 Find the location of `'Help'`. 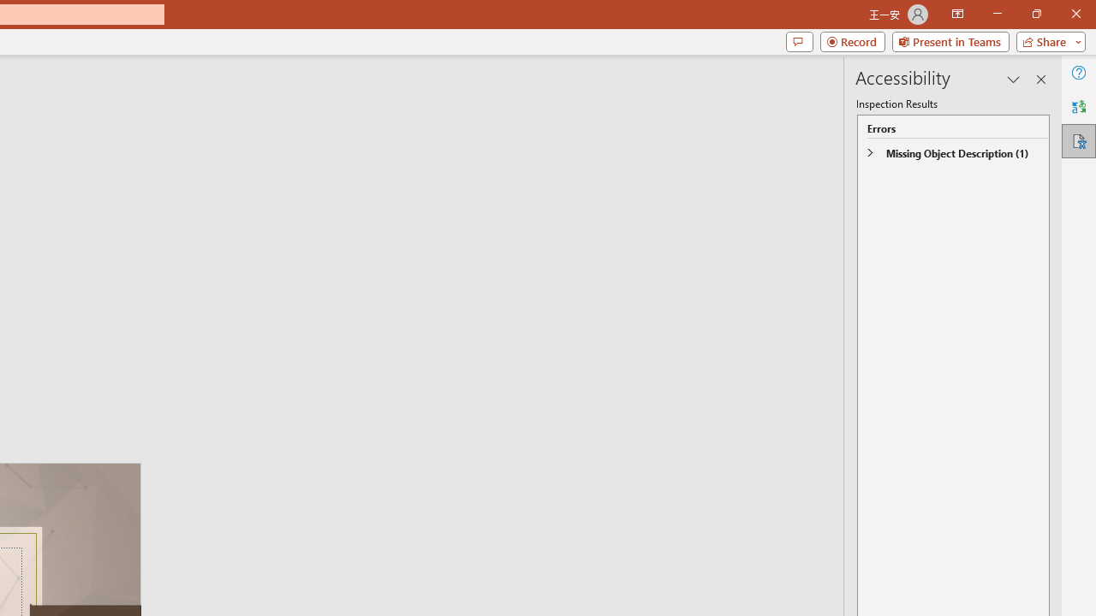

'Help' is located at coordinates (1078, 71).